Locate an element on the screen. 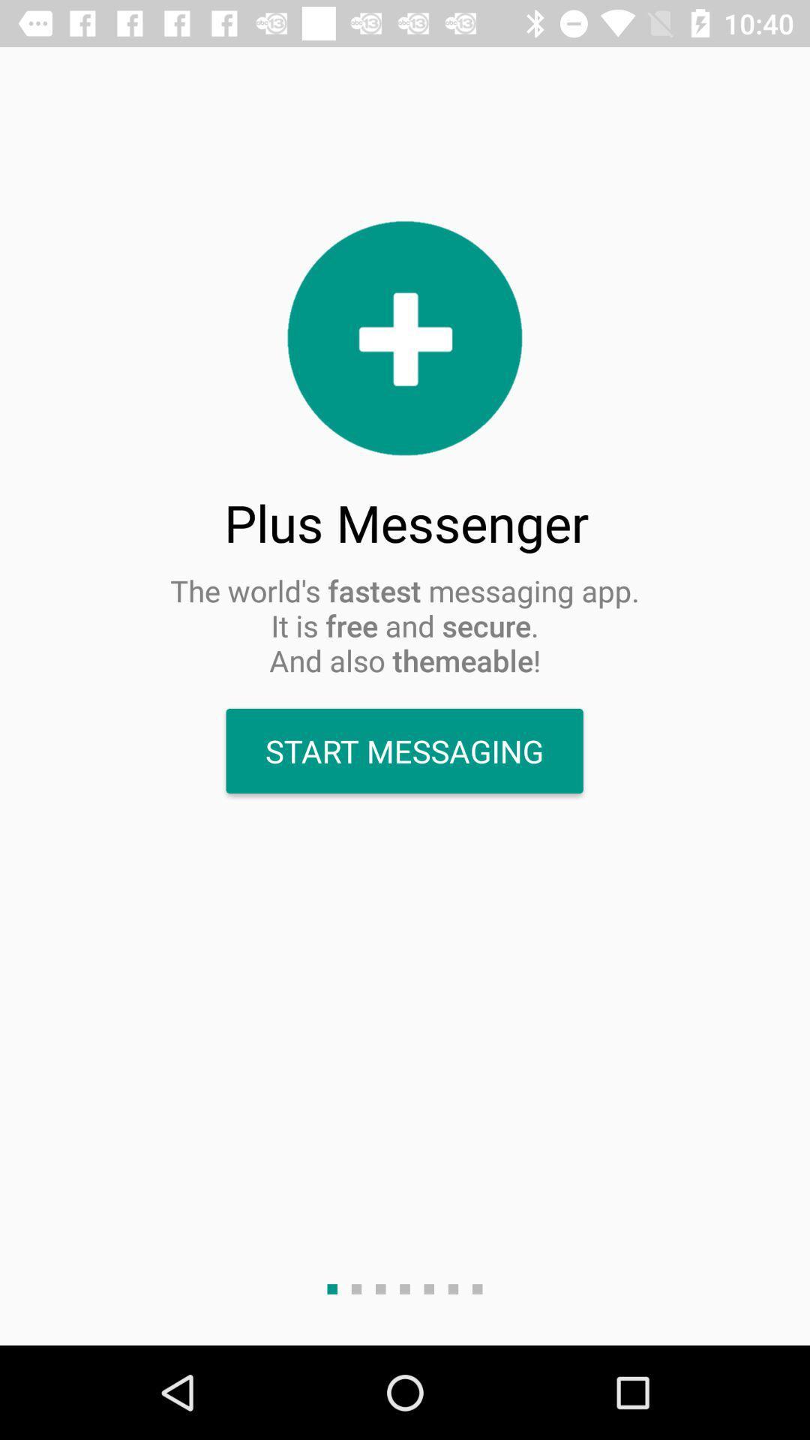 This screenshot has height=1440, width=810. the start messaging is located at coordinates (403, 751).